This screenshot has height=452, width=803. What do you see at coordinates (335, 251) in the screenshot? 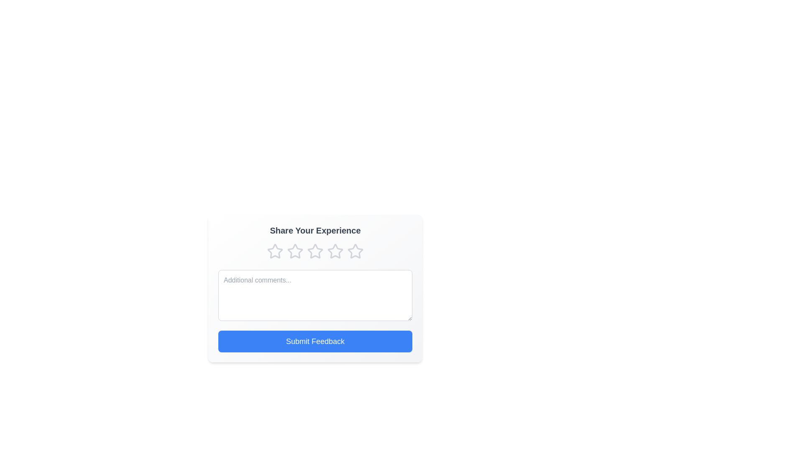
I see `the fourth star icon for rating` at bounding box center [335, 251].